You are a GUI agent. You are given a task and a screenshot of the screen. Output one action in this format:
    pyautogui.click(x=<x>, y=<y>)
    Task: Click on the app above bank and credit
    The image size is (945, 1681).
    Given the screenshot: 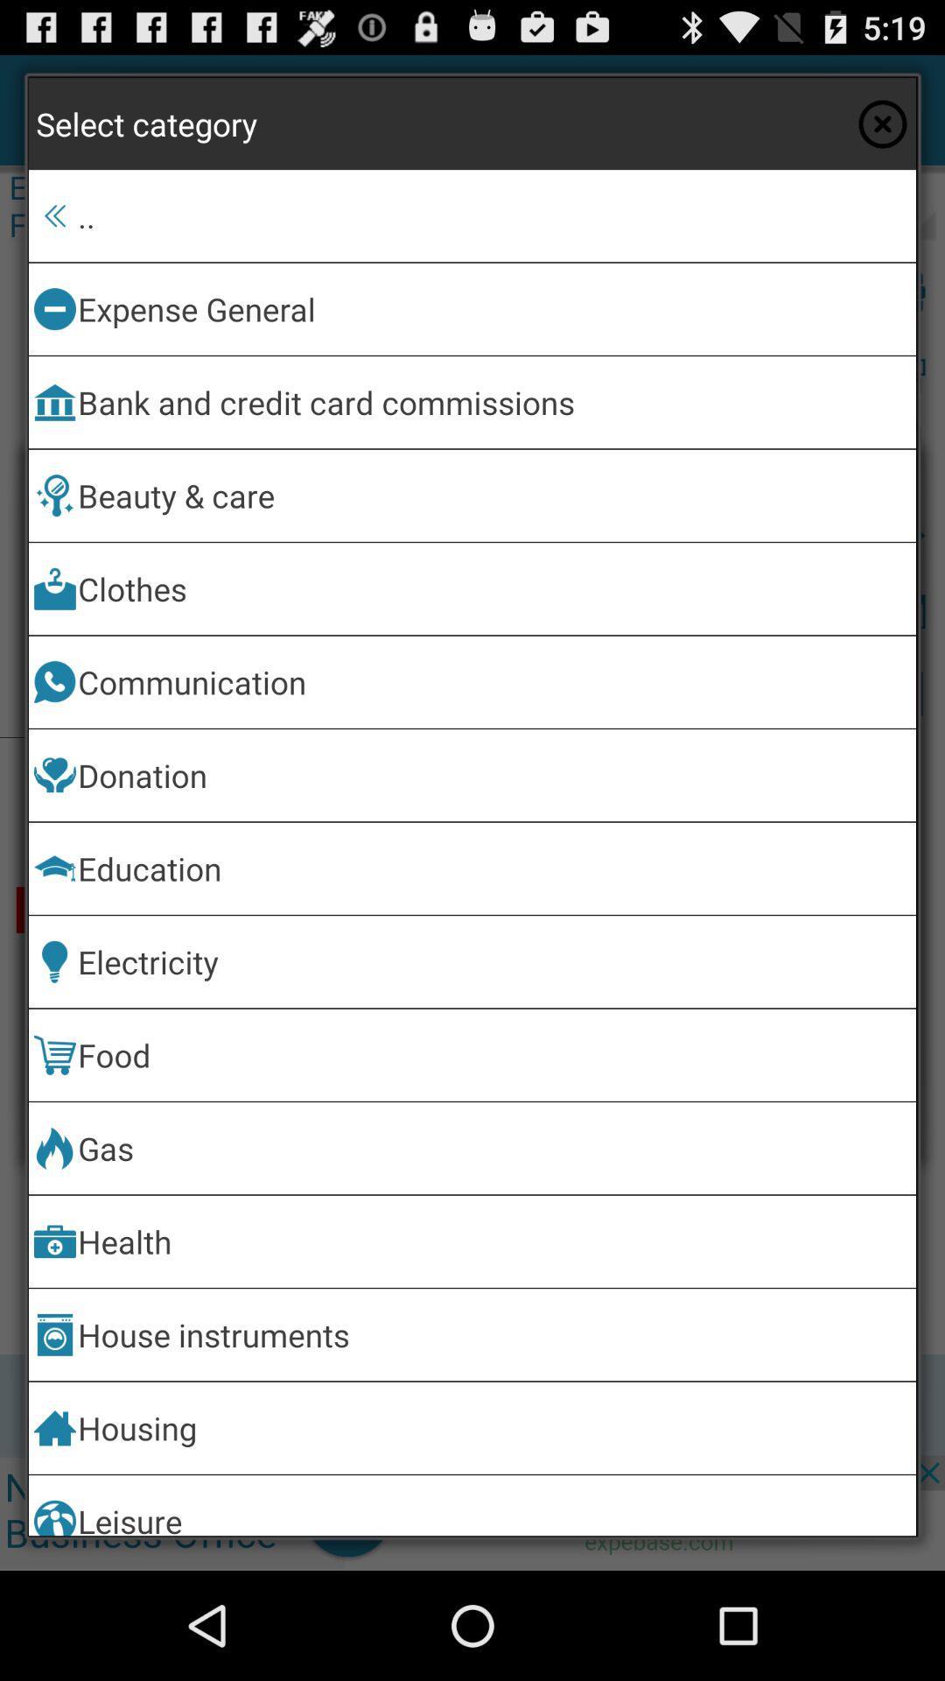 What is the action you would take?
    pyautogui.click(x=493, y=309)
    